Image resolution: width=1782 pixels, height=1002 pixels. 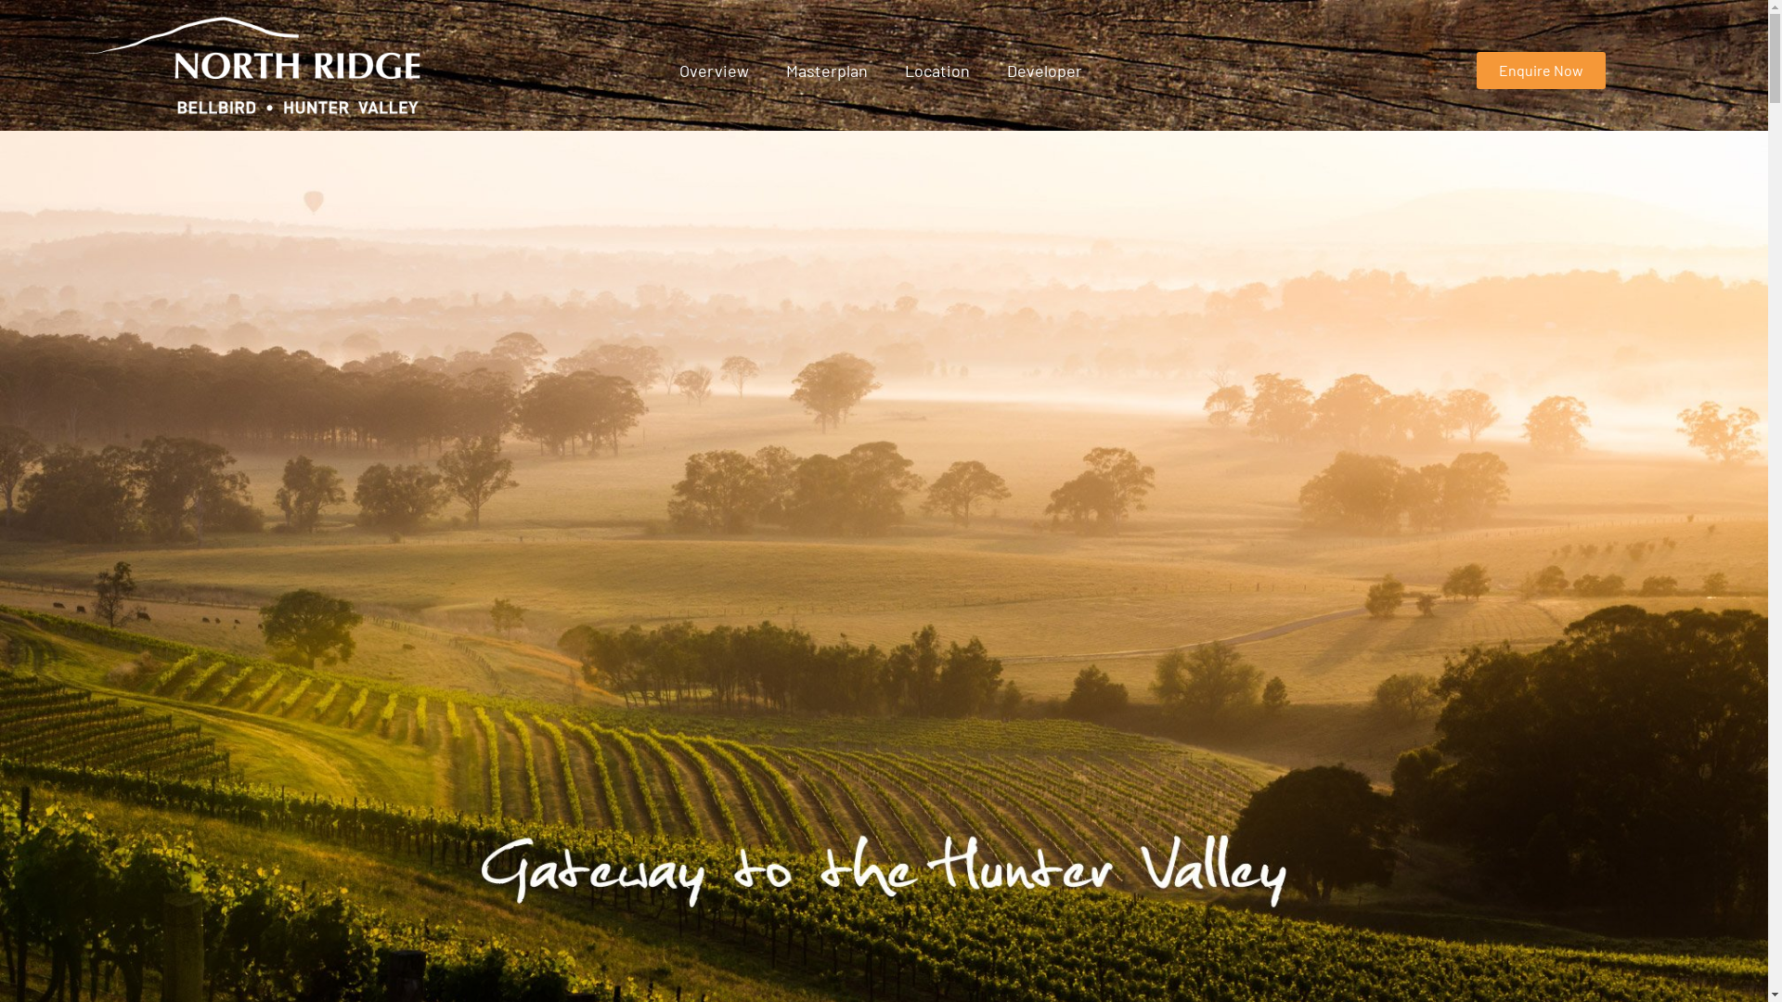 What do you see at coordinates (713, 70) in the screenshot?
I see `'Overview'` at bounding box center [713, 70].